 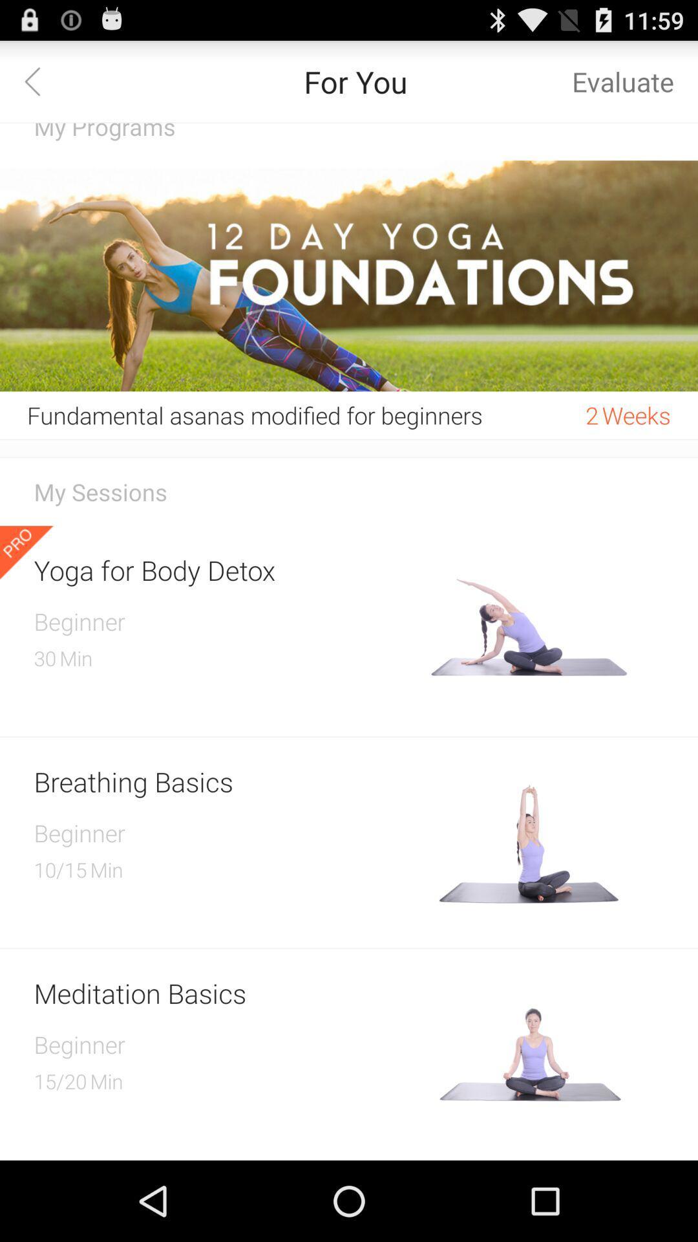 What do you see at coordinates (349, 142) in the screenshot?
I see `the my programs item` at bounding box center [349, 142].